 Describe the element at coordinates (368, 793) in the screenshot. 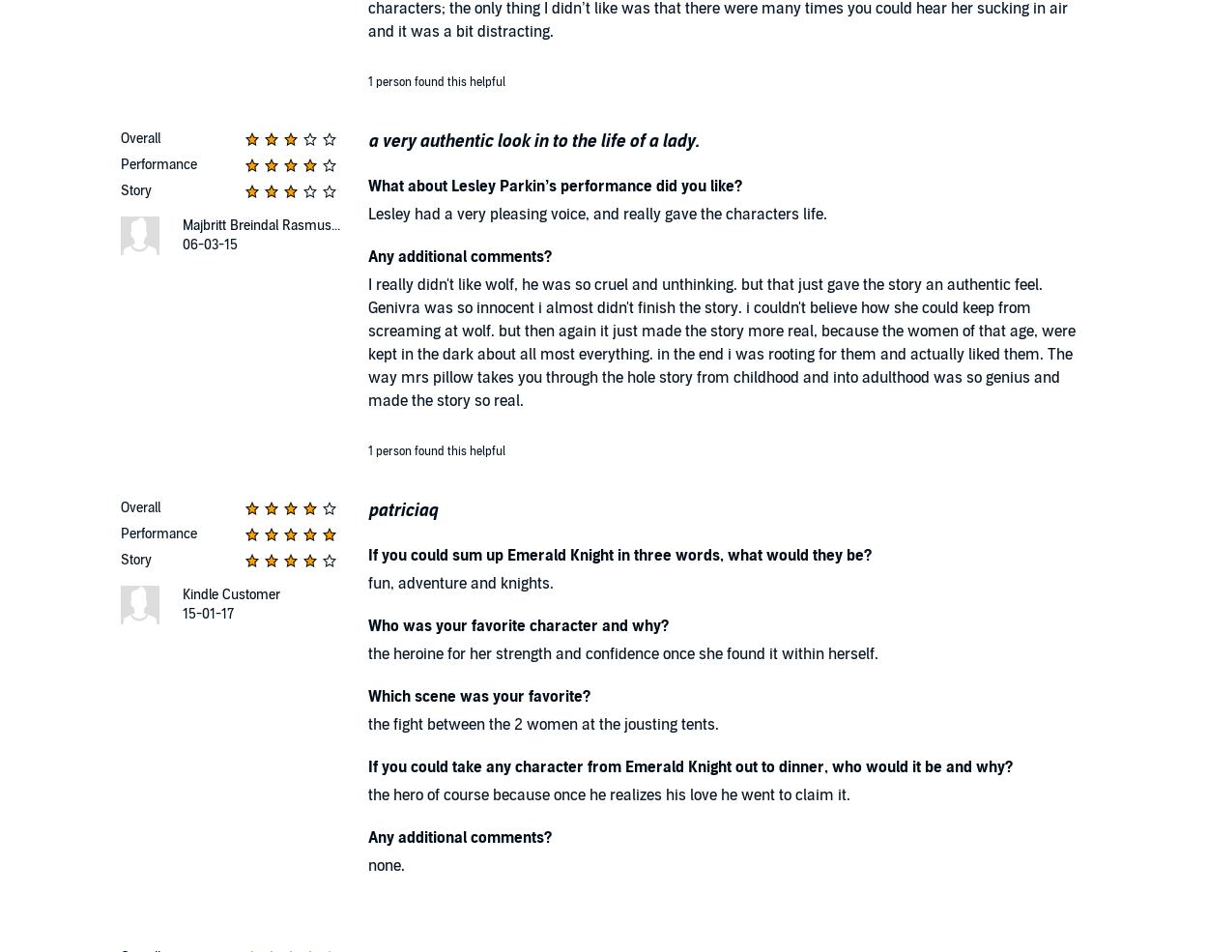

I see `'the hero of course because once he realizes his love he went to claim it.'` at that location.